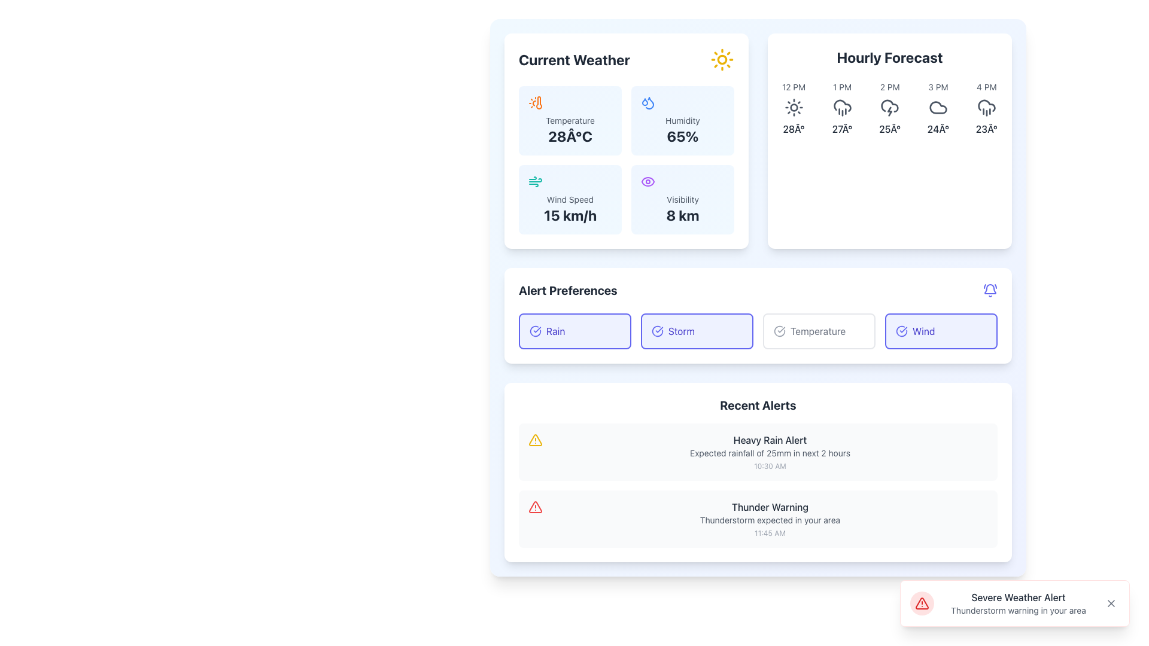  I want to click on the static text label displaying '1 PM' in the 'Hourly Forecast' section for information, so click(841, 87).